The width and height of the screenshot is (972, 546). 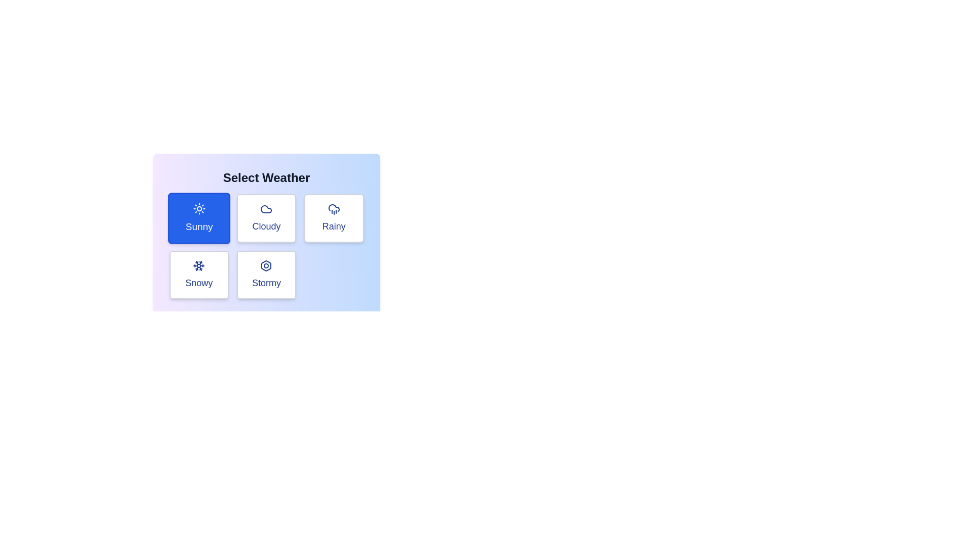 I want to click on the 'Sunny' weather icon located in the top-left section of the selectable weather options grid, so click(x=199, y=208).